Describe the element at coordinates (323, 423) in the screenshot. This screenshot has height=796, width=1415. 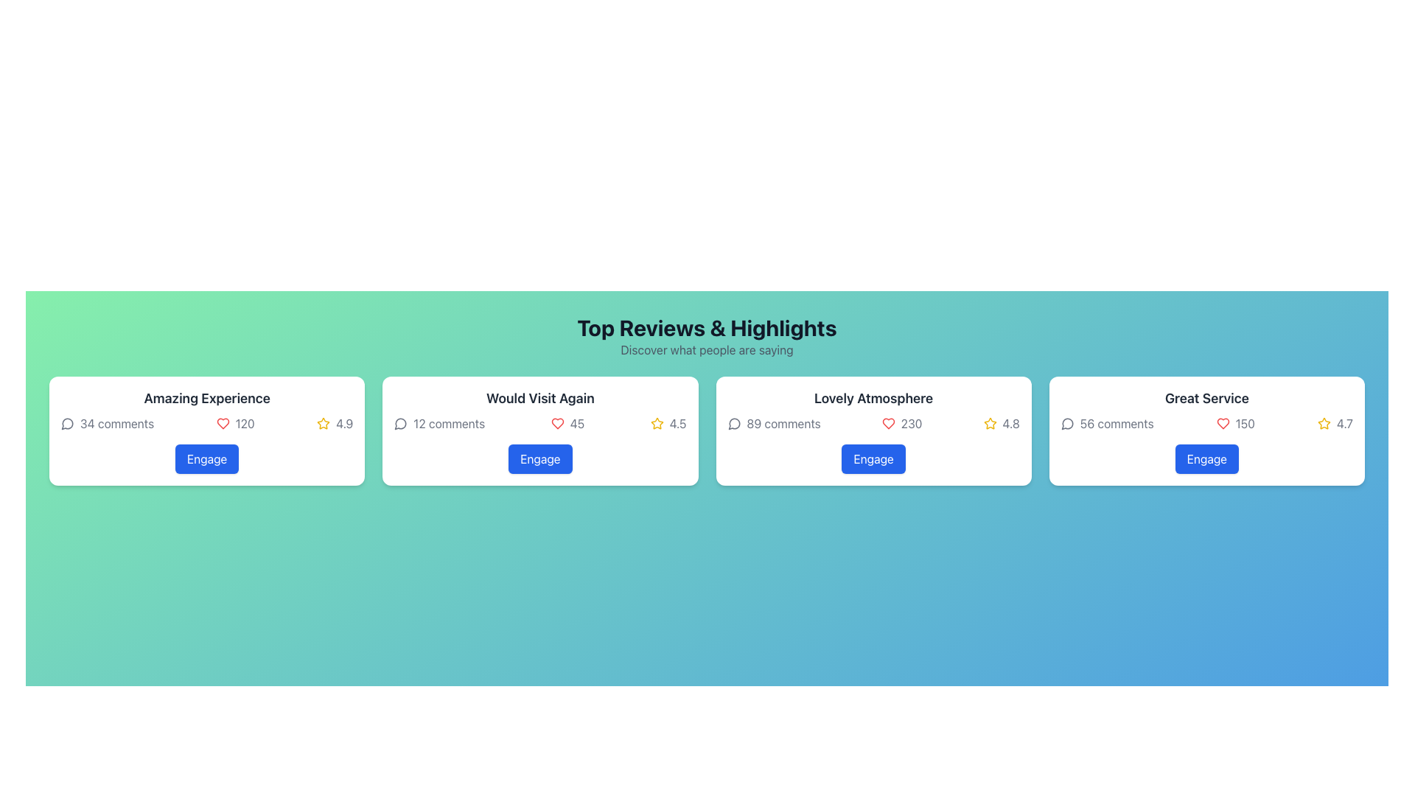
I see `the rating icon representing a score of '4.9' located in the 'Amazing Experience' card, which is positioned to the left of the text '4.9' and above the blue 'Engage' button` at that location.